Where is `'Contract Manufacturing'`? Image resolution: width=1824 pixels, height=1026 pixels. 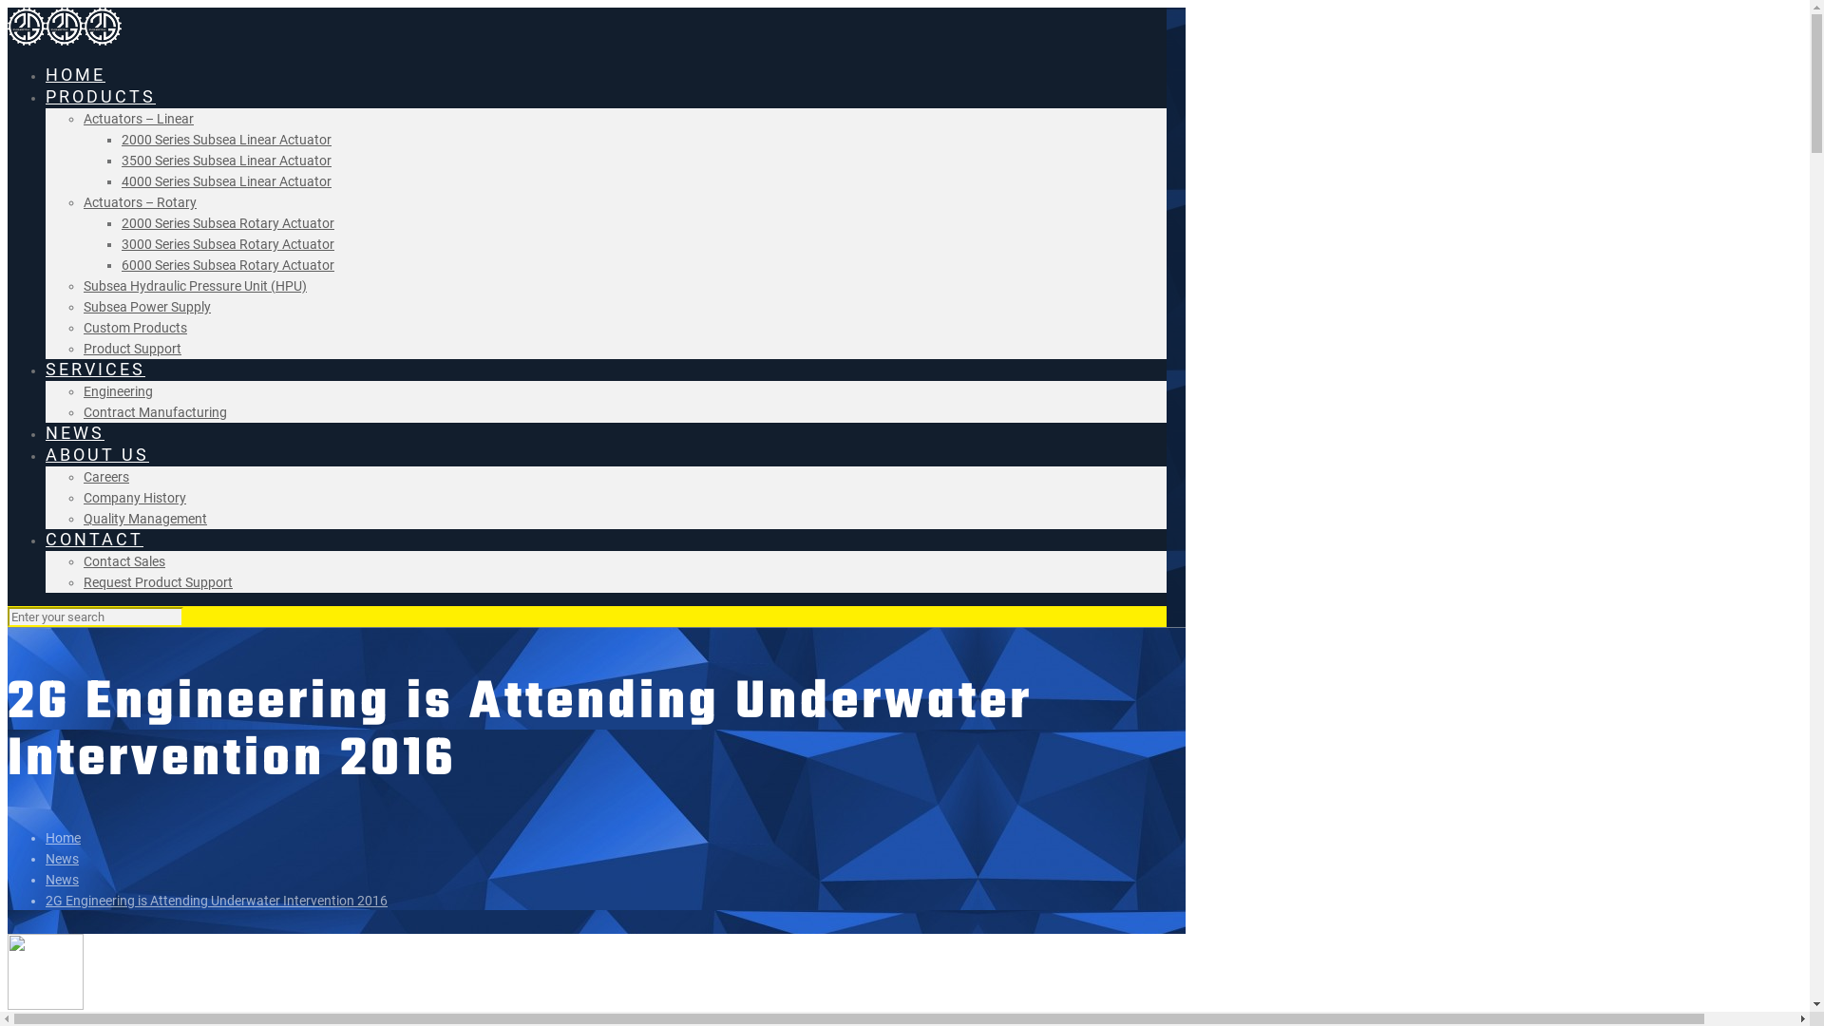 'Contract Manufacturing' is located at coordinates (155, 411).